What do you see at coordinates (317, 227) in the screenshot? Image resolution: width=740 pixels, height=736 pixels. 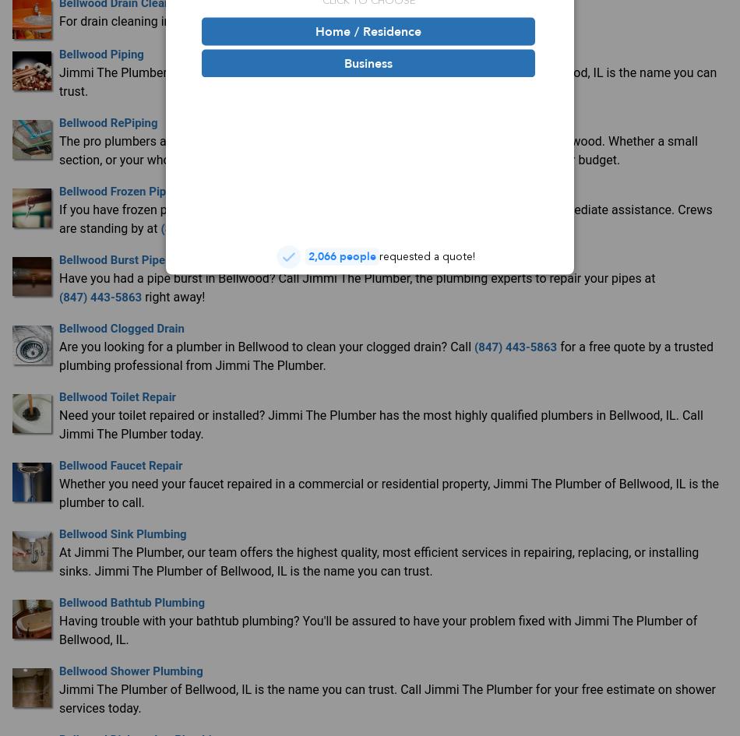 I see `'to repair your frozen pipes!'` at bounding box center [317, 227].